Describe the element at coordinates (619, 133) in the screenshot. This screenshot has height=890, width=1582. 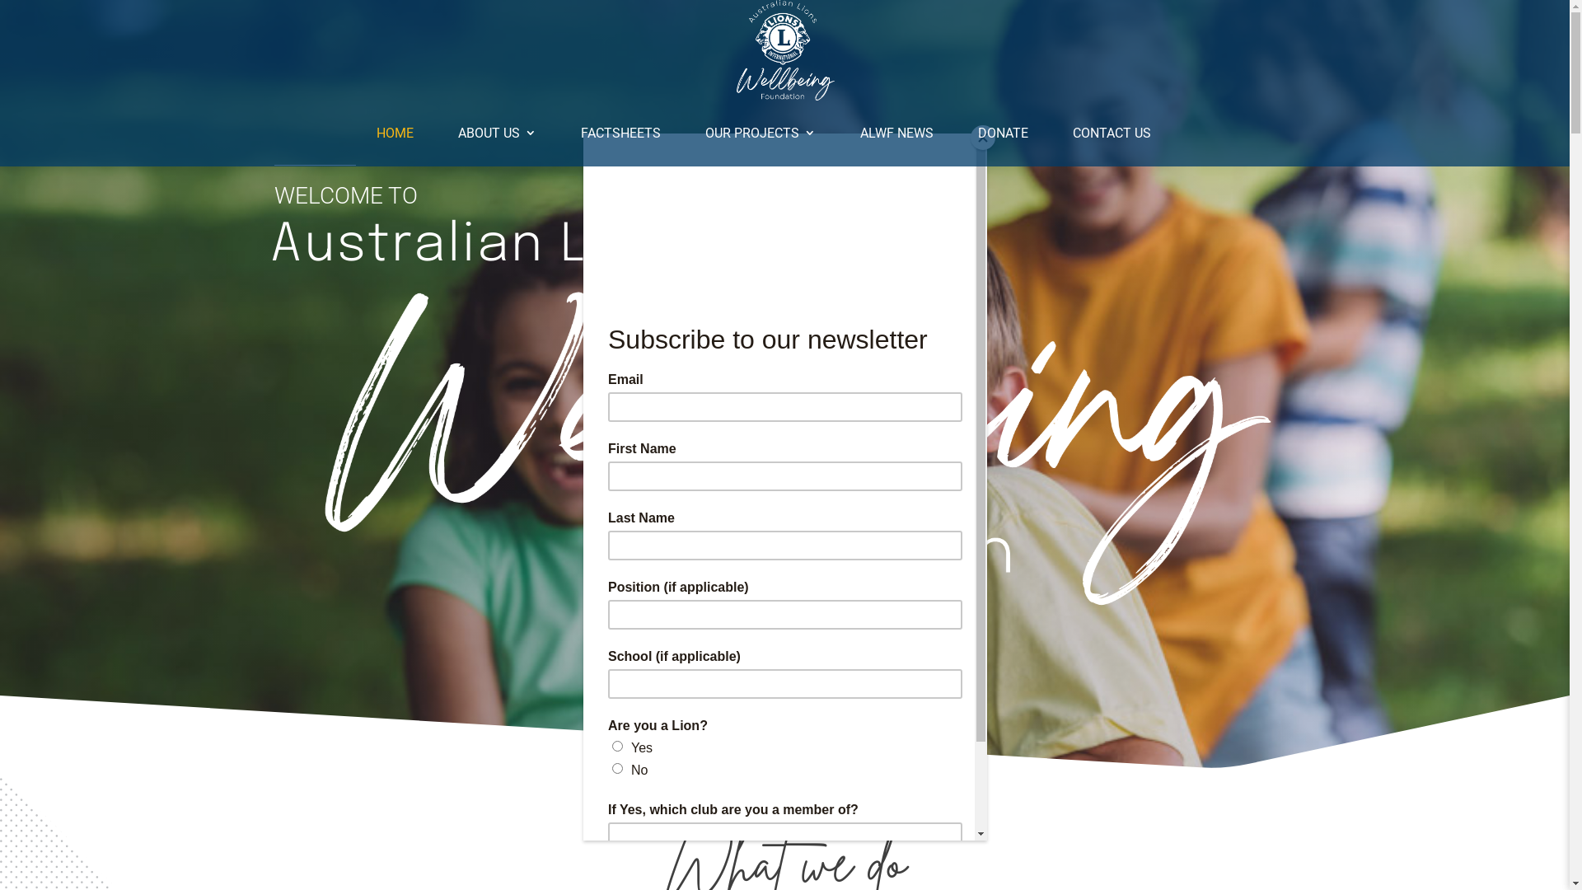
I see `'FACTSHEETS'` at that location.